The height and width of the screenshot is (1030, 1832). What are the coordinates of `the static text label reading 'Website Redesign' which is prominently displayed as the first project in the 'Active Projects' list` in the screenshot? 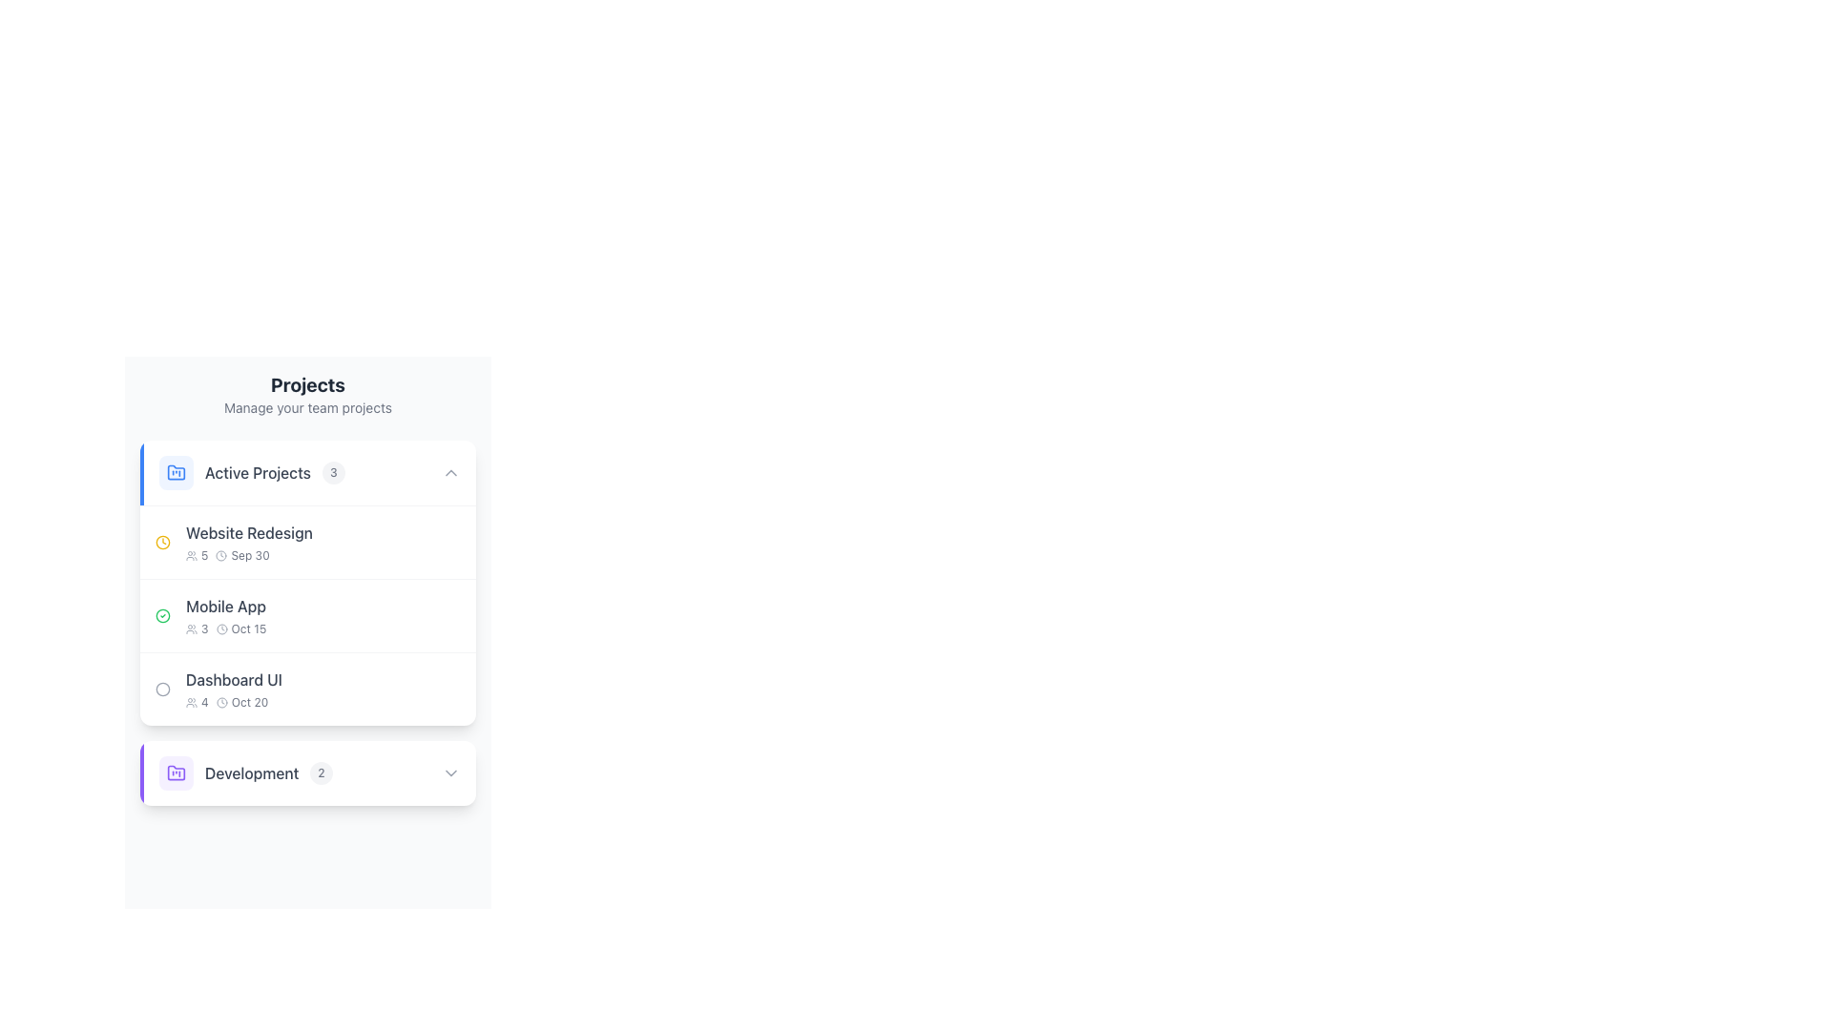 It's located at (248, 533).